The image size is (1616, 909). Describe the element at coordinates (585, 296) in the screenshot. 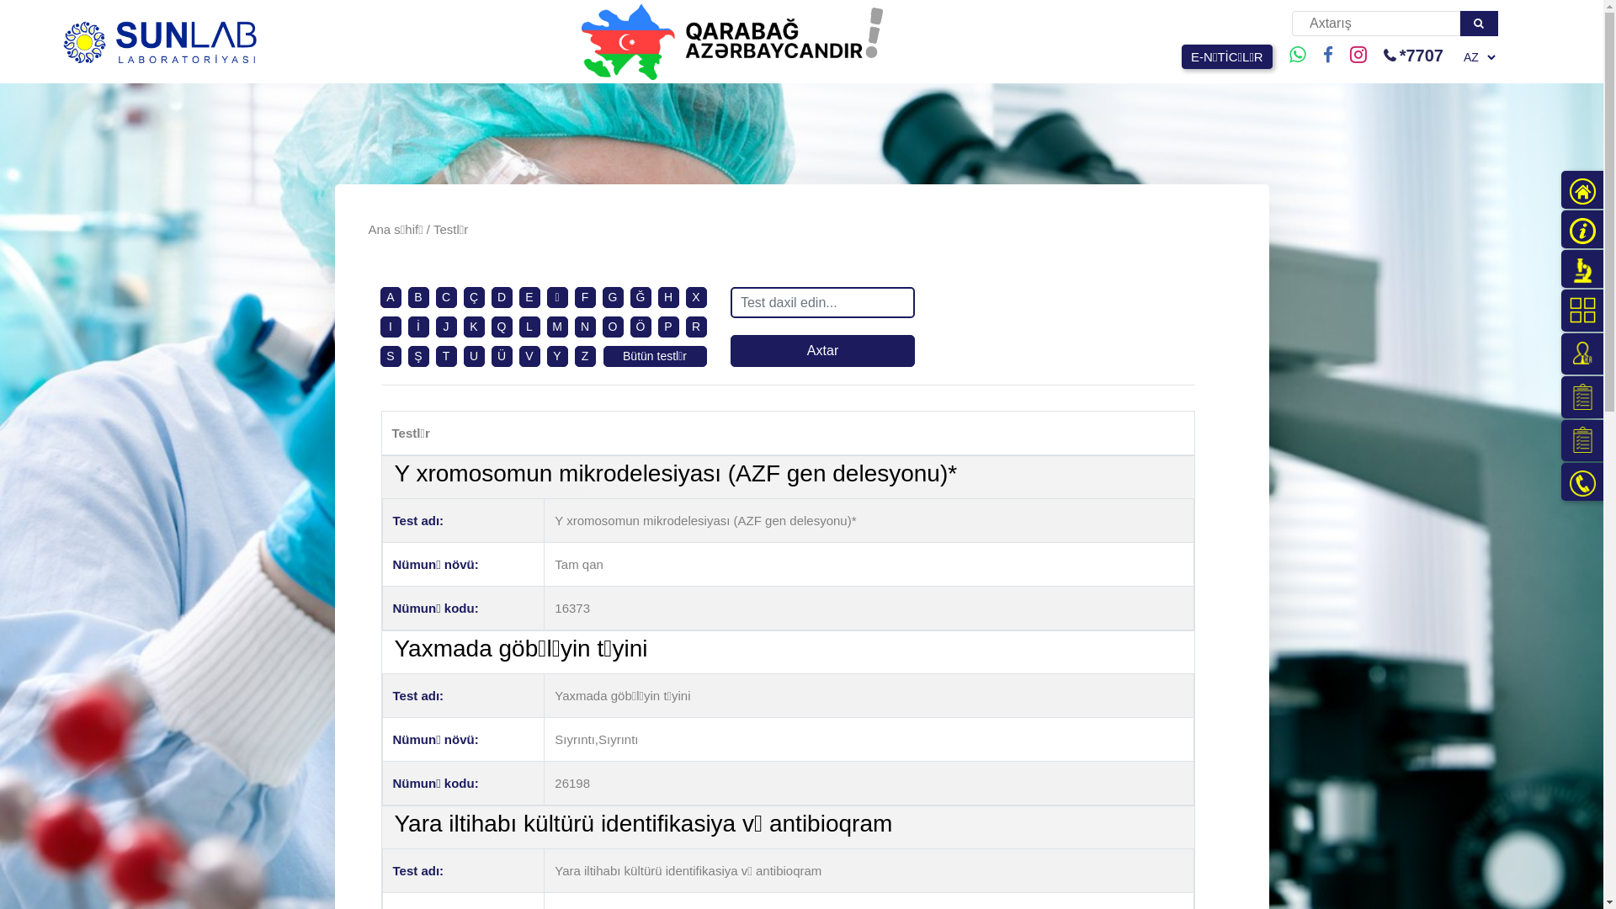

I see `'F'` at that location.